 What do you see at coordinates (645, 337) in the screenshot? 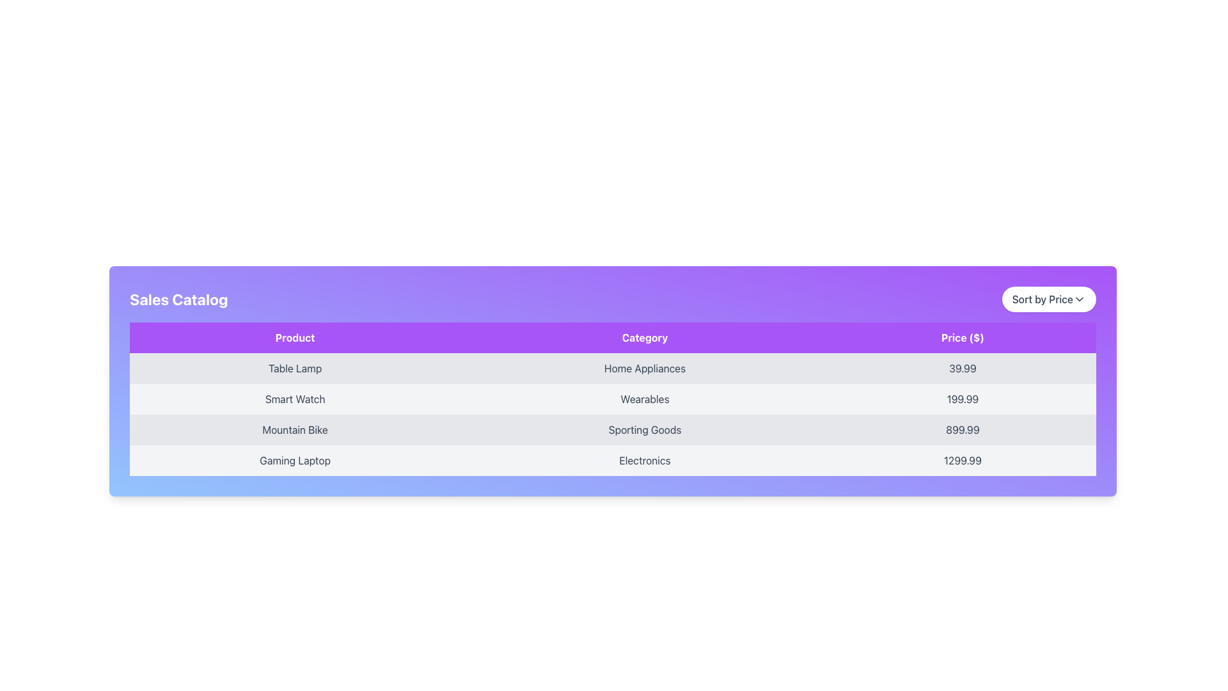
I see `the 'Category' header label in the purple-colored table header bar, which is centrally positioned between the 'Product' and 'Price ($)' headers` at bounding box center [645, 337].